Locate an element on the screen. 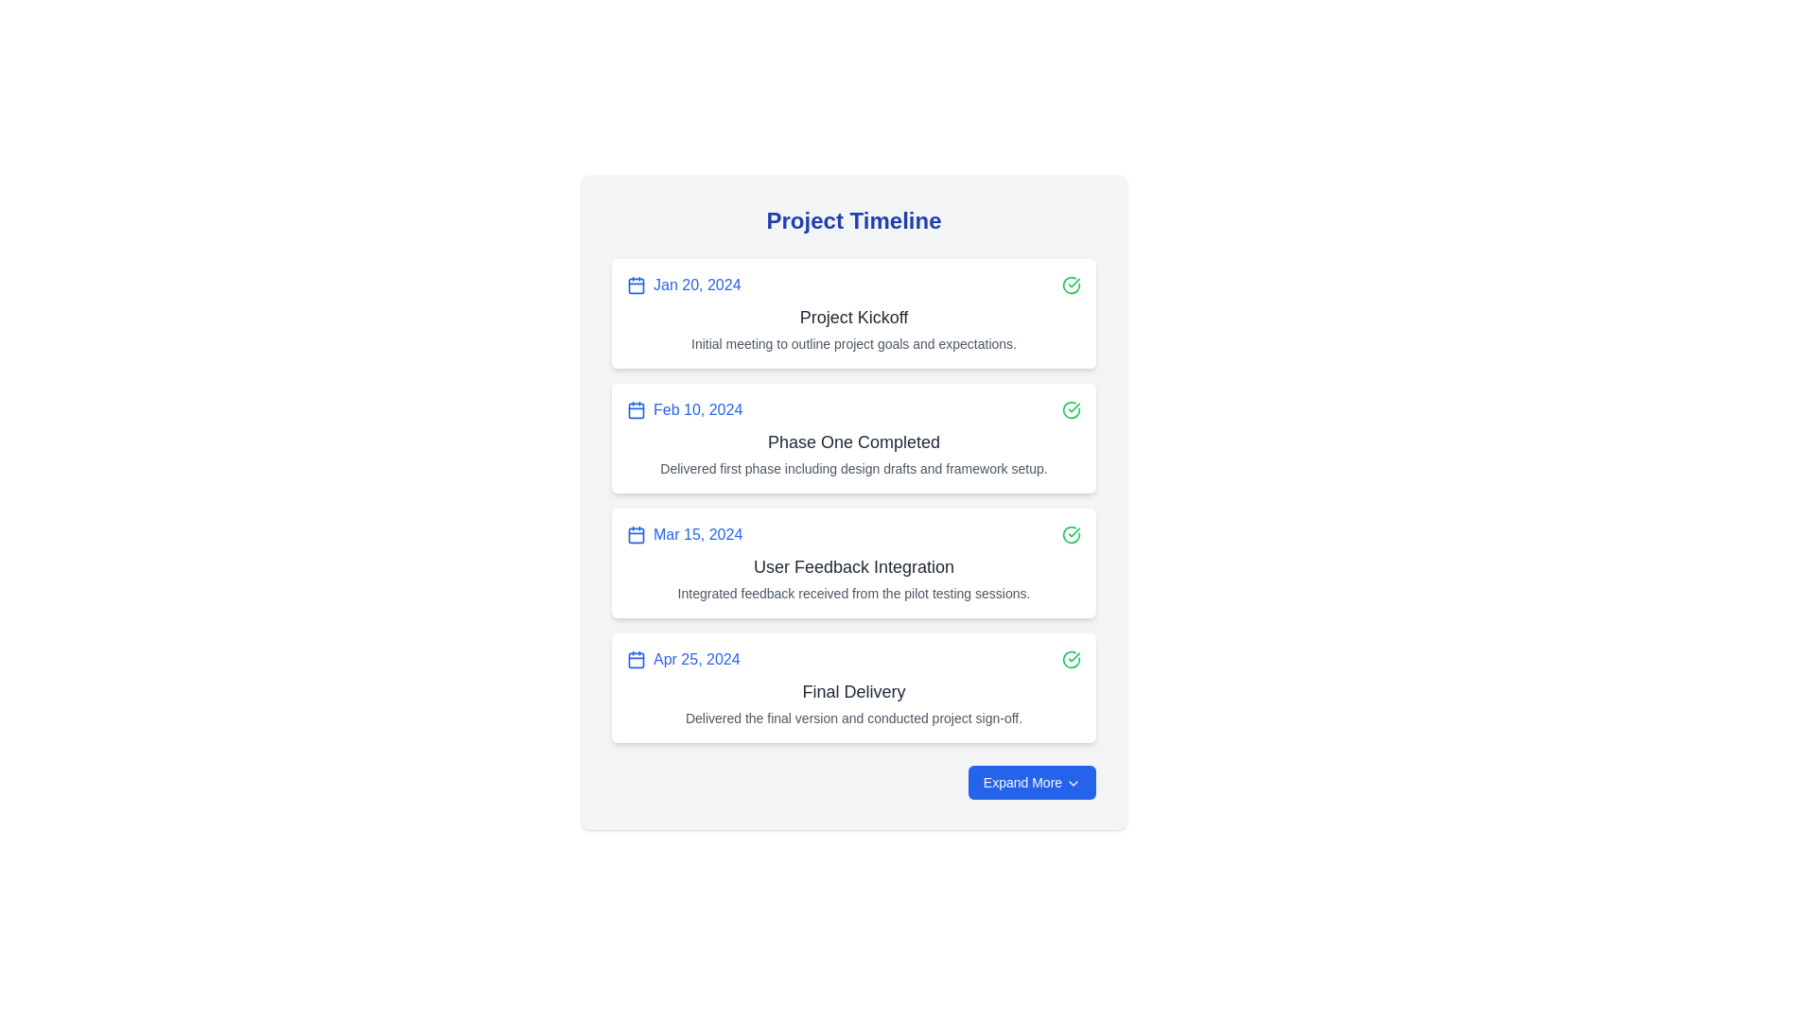 Image resolution: width=1816 pixels, height=1021 pixels. text content of the Text label displaying 'Jan 20, 2024', which is styled in medium font weight and blue color, positioned next to the calendar icon in the timeline layout is located at coordinates (696, 285).